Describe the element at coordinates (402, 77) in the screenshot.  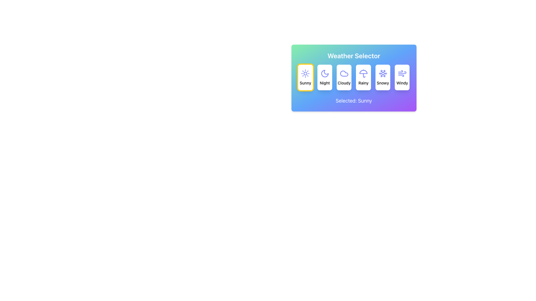
I see `the 'Windy' weather option button by navigating through the keyboard` at that location.